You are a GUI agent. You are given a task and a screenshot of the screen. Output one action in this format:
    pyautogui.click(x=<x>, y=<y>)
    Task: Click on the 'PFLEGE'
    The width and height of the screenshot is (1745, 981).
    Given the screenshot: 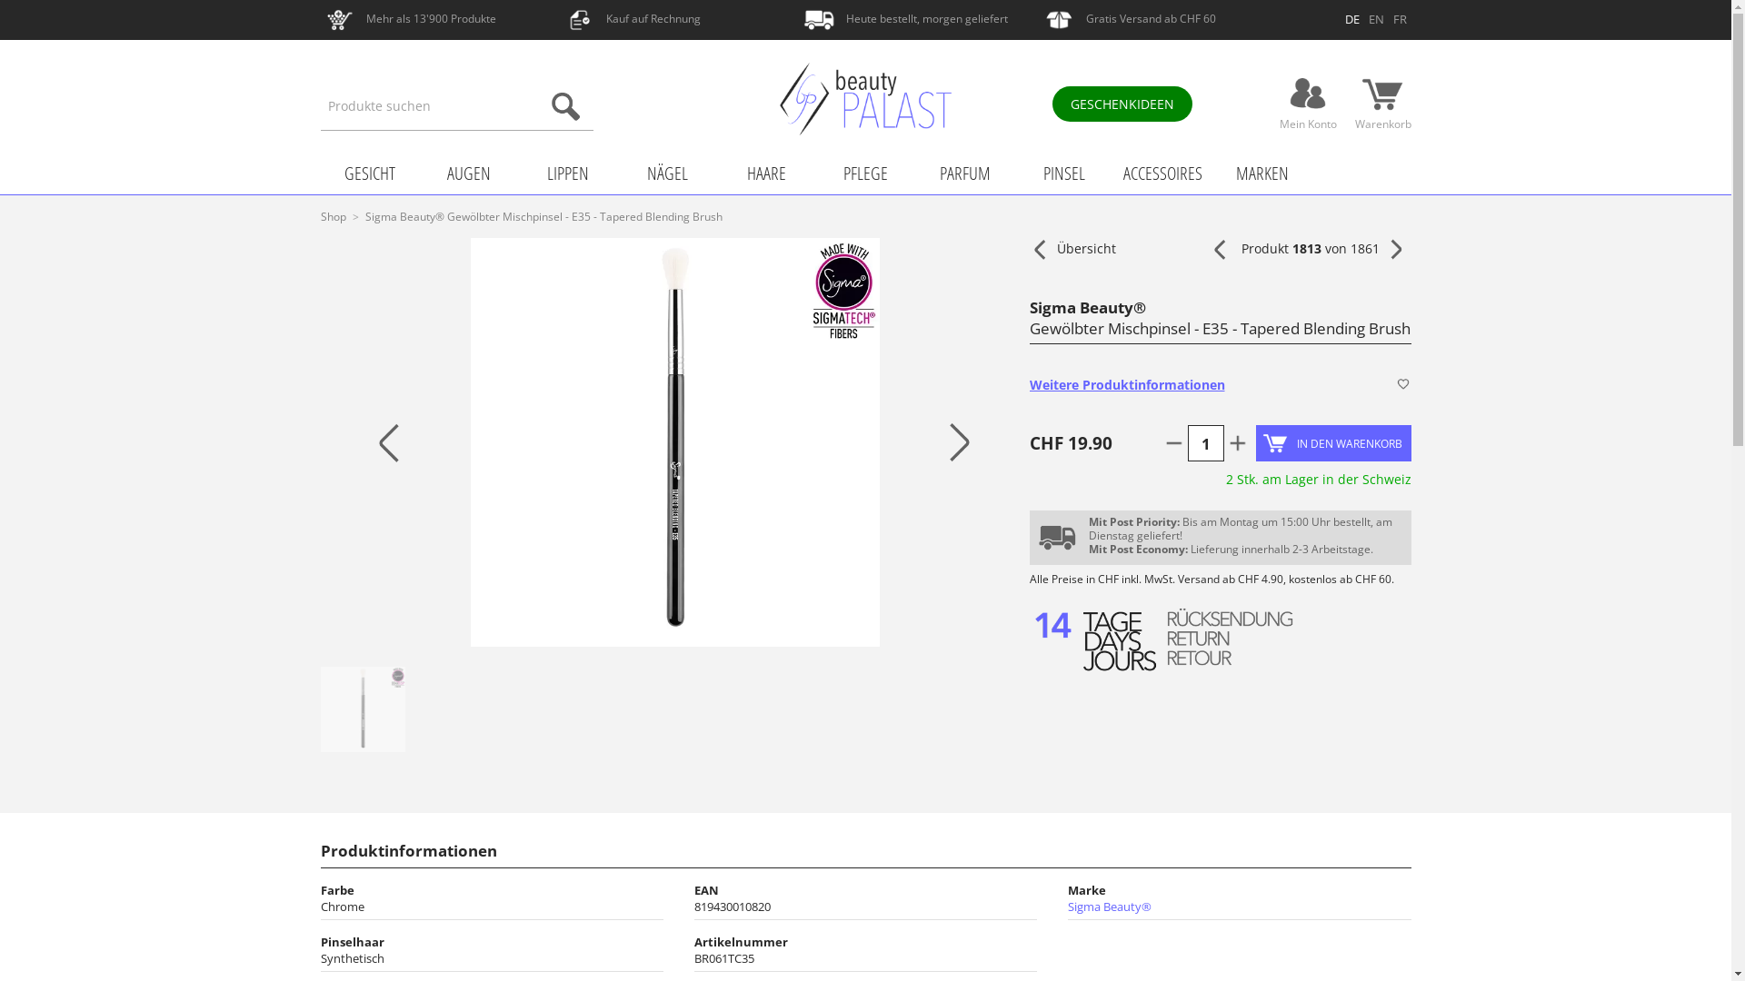 What is the action you would take?
    pyautogui.click(x=864, y=174)
    